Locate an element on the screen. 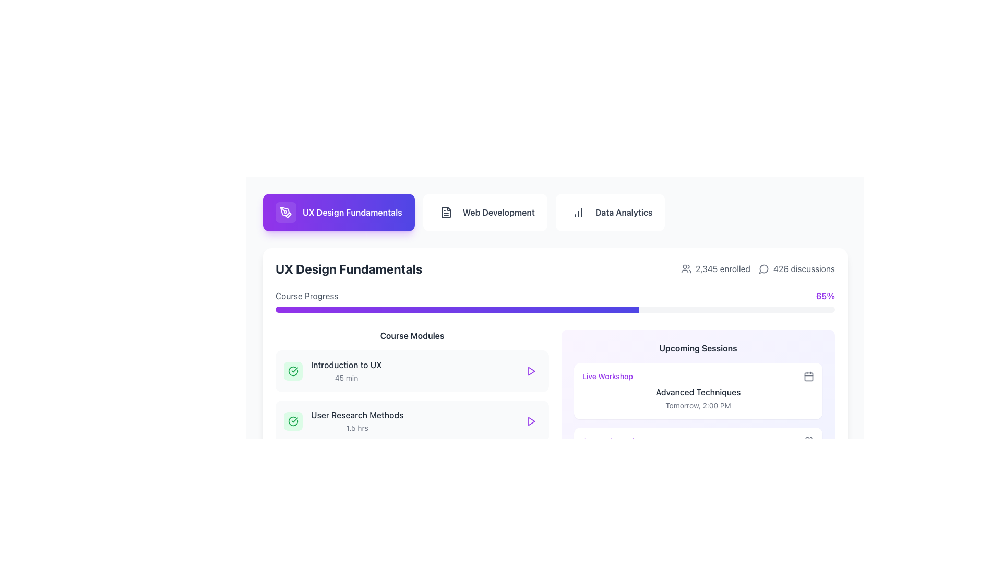 The width and height of the screenshot is (1002, 564). the 'Live Workshop' text label, which is a small-sized, purple font label located in the 'Upcoming Sessions' section is located at coordinates (607, 377).